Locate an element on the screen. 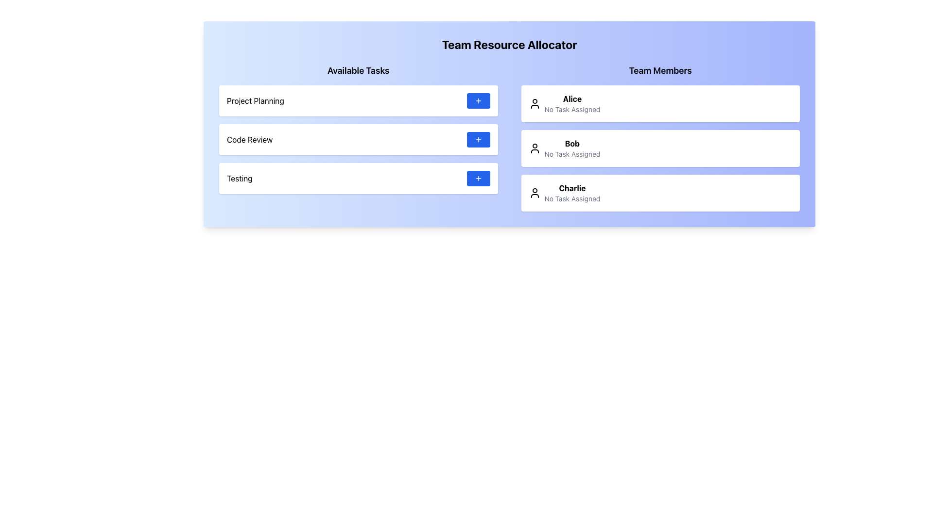 This screenshot has height=524, width=933. the text label reading 'No Task Assigned', which is styled in a smaller gray font and positioned below the name 'Bob' in the second card under the 'Team Members' heading is located at coordinates (572, 153).